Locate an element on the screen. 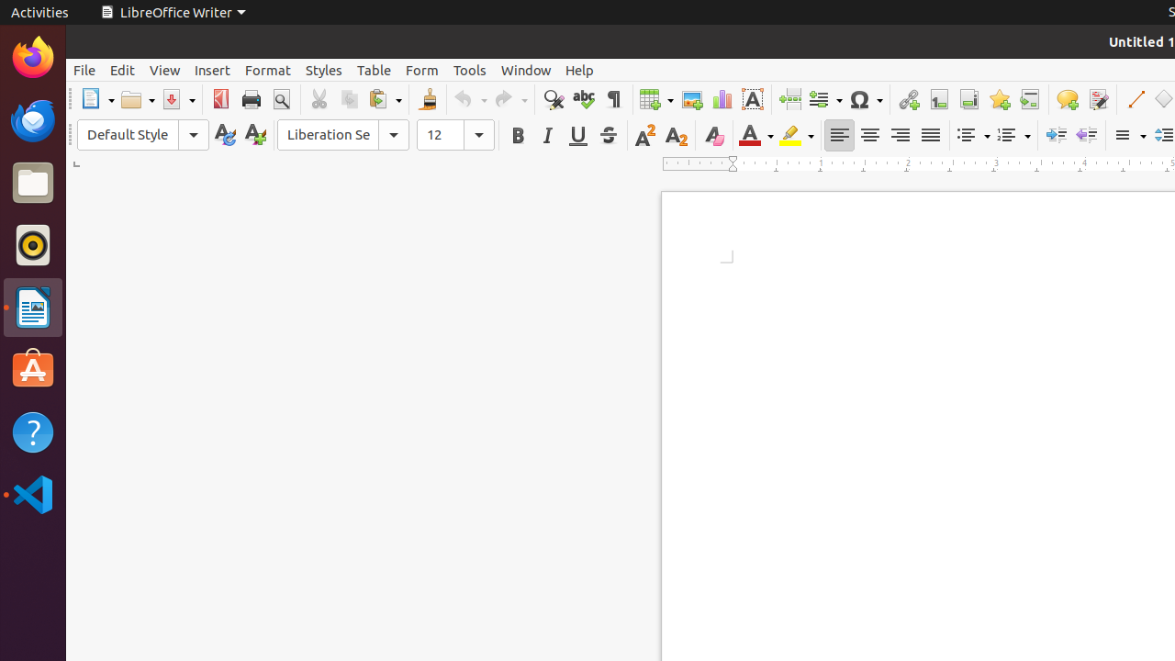 The height and width of the screenshot is (661, 1175). 'Left' is located at coordinates (838, 134).